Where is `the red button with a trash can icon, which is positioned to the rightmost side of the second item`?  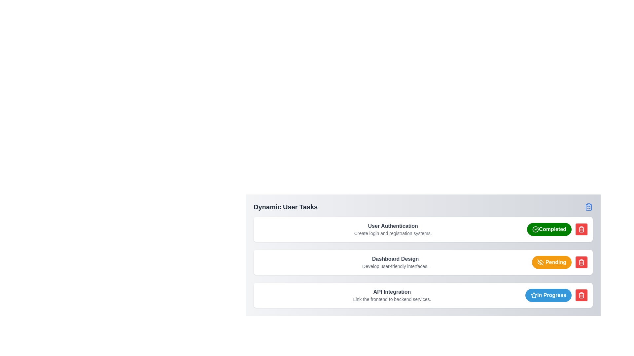 the red button with a trash can icon, which is positioned to the rightmost side of the second item is located at coordinates (581, 262).